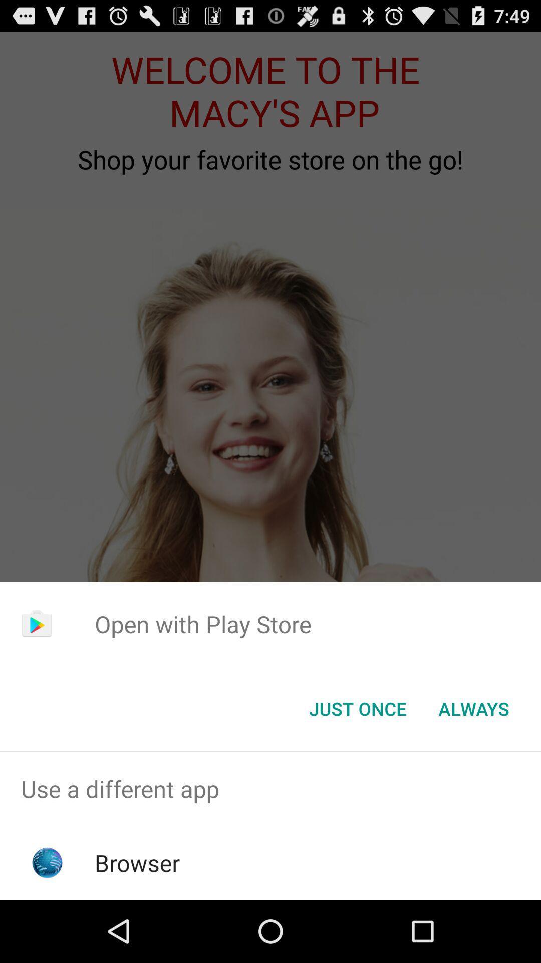 This screenshot has width=541, height=963. Describe the element at coordinates (473, 708) in the screenshot. I see `the always item` at that location.